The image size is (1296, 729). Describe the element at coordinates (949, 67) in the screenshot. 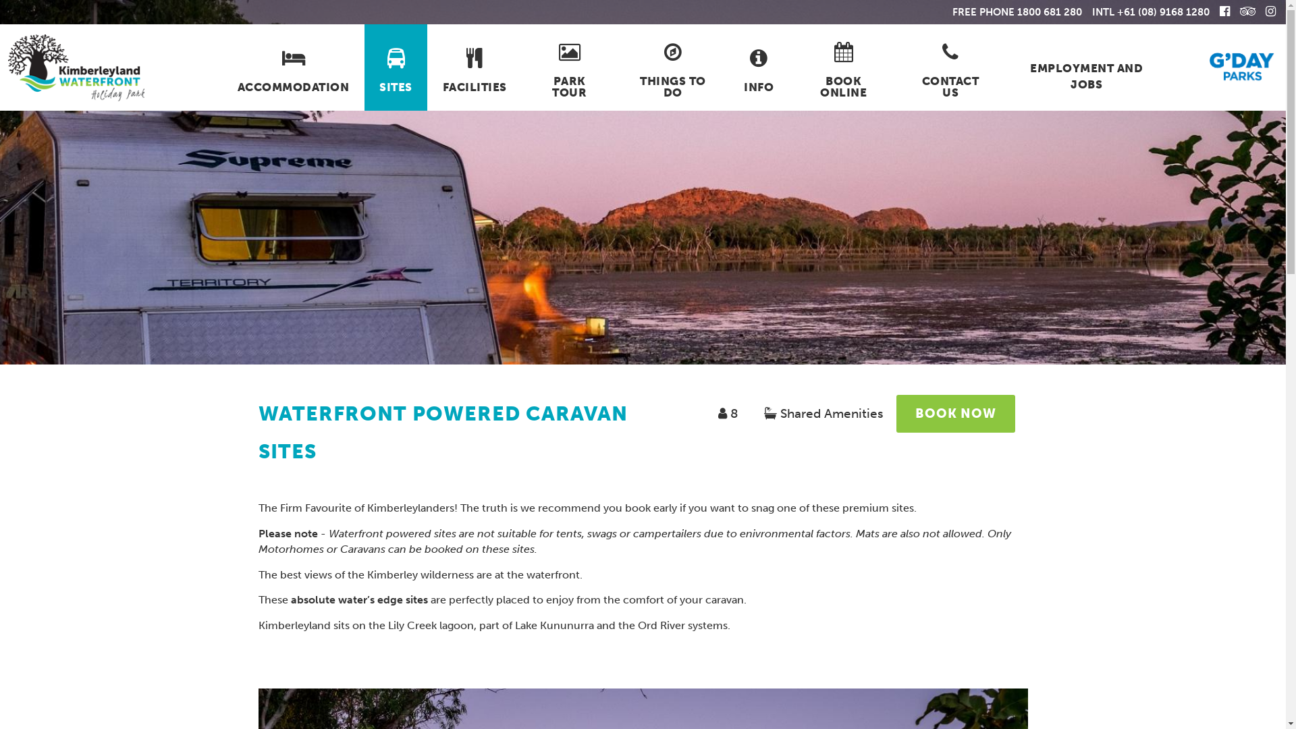

I see `'CONTACT US'` at that location.